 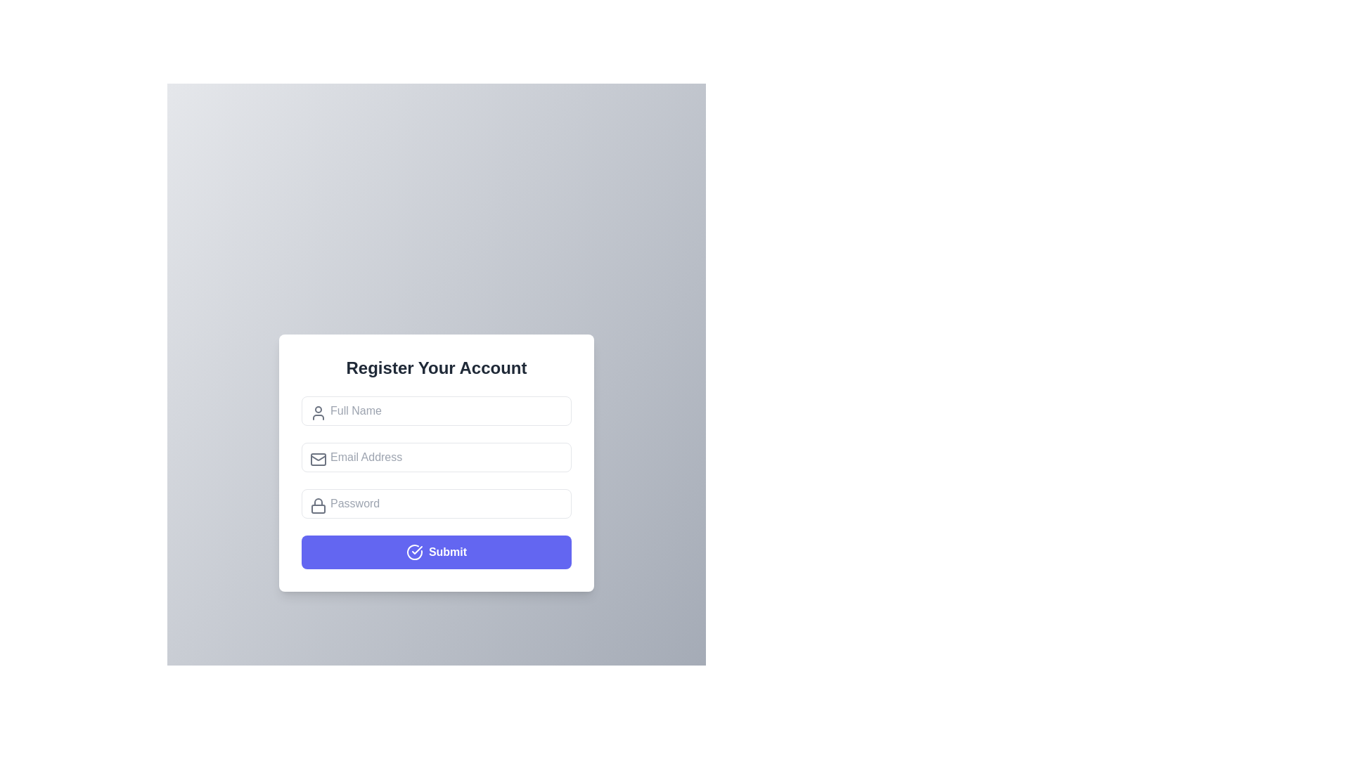 I want to click on the checkmark icon within the 'Submit' button, so click(x=416, y=550).